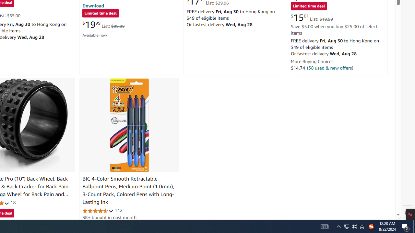 This screenshot has width=415, height=233. I want to click on 'Download', so click(93, 6).